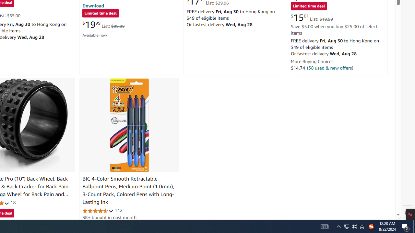 This screenshot has width=415, height=233. I want to click on 'Download', so click(93, 6).